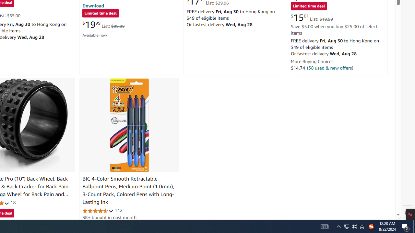 This screenshot has width=415, height=233. I want to click on 'Download', so click(93, 6).